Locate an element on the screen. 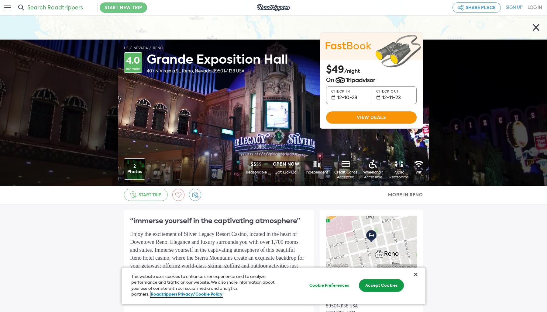 The image size is (547, 312). 'Public' is located at coordinates (399, 172).